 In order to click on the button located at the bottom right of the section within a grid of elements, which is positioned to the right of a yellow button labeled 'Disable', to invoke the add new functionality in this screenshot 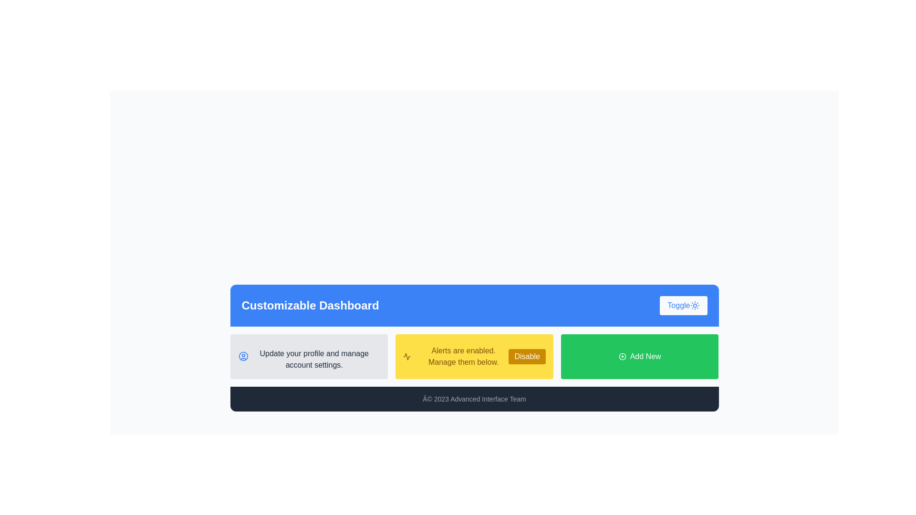, I will do `click(640, 357)`.